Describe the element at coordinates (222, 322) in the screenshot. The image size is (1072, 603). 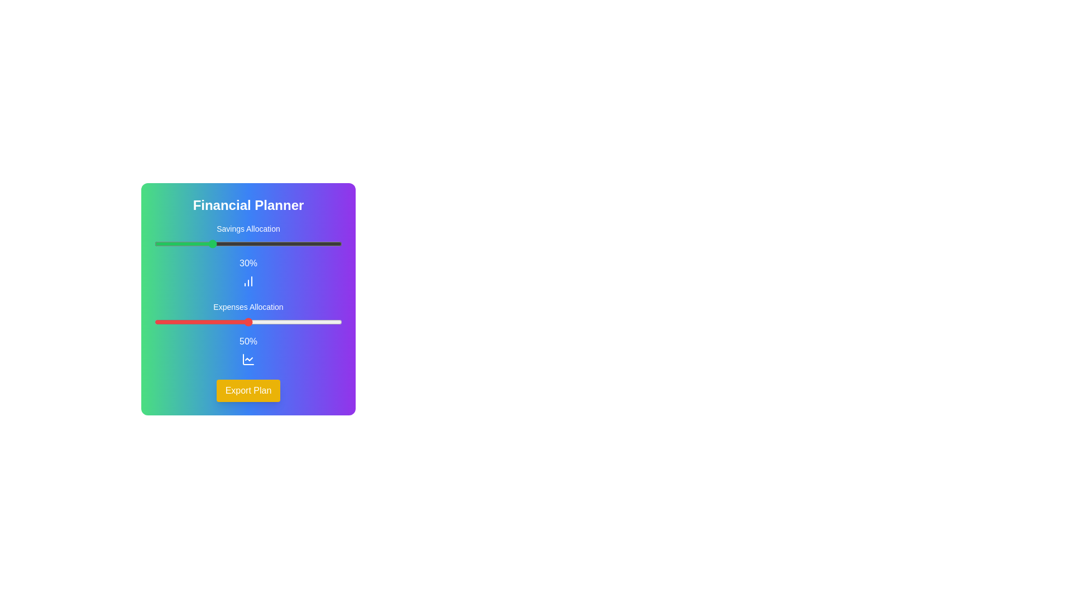
I see `the Expenses Allocation slider` at that location.